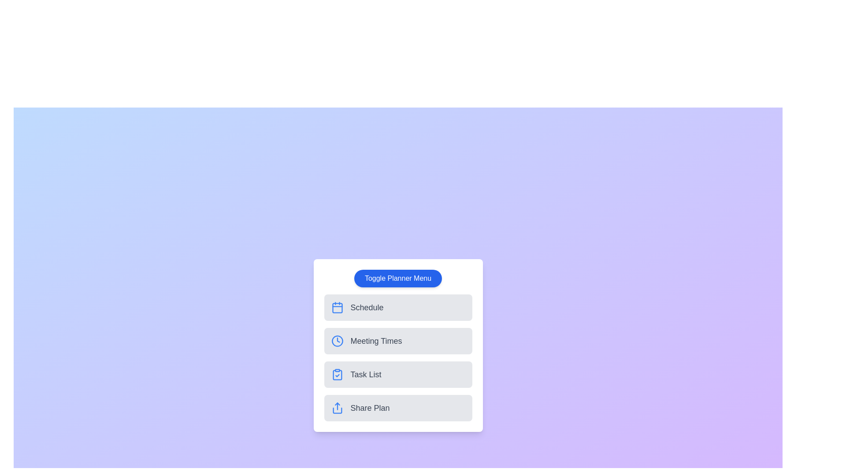  What do you see at coordinates (337, 374) in the screenshot?
I see `the icon corresponding to Task List in the planner menu` at bounding box center [337, 374].